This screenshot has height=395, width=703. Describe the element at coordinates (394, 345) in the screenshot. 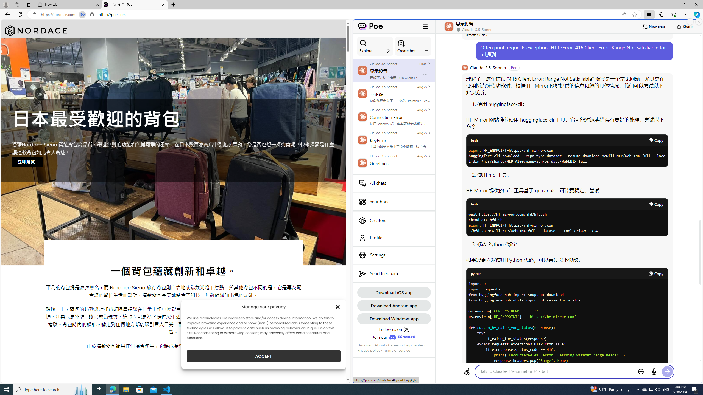

I see `'Careers'` at that location.